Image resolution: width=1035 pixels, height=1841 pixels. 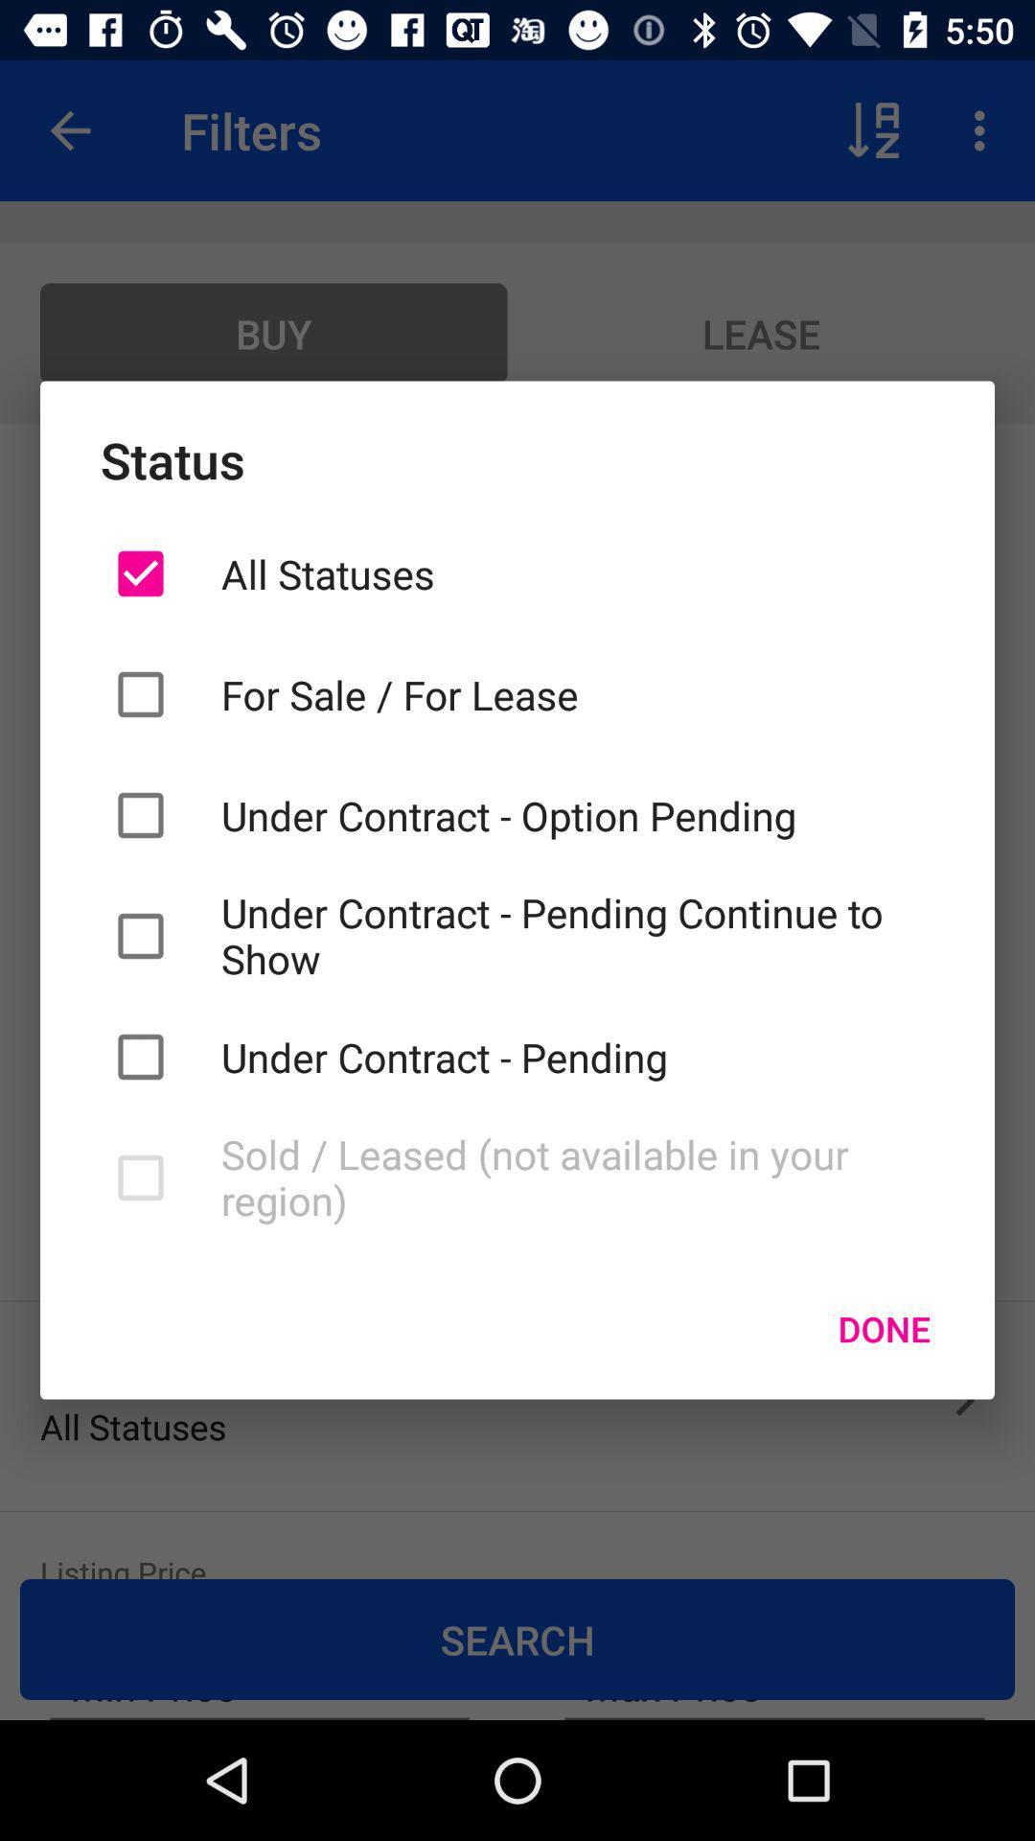 What do you see at coordinates (884, 1328) in the screenshot?
I see `icon below the sold leased not item` at bounding box center [884, 1328].